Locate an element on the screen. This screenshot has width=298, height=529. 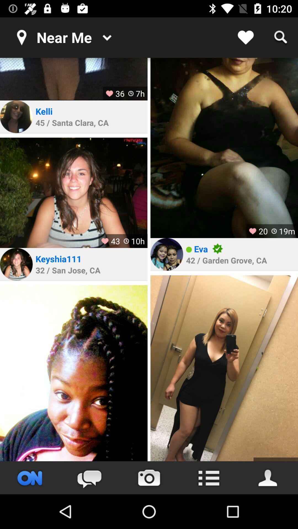
chat message is located at coordinates (89, 477).